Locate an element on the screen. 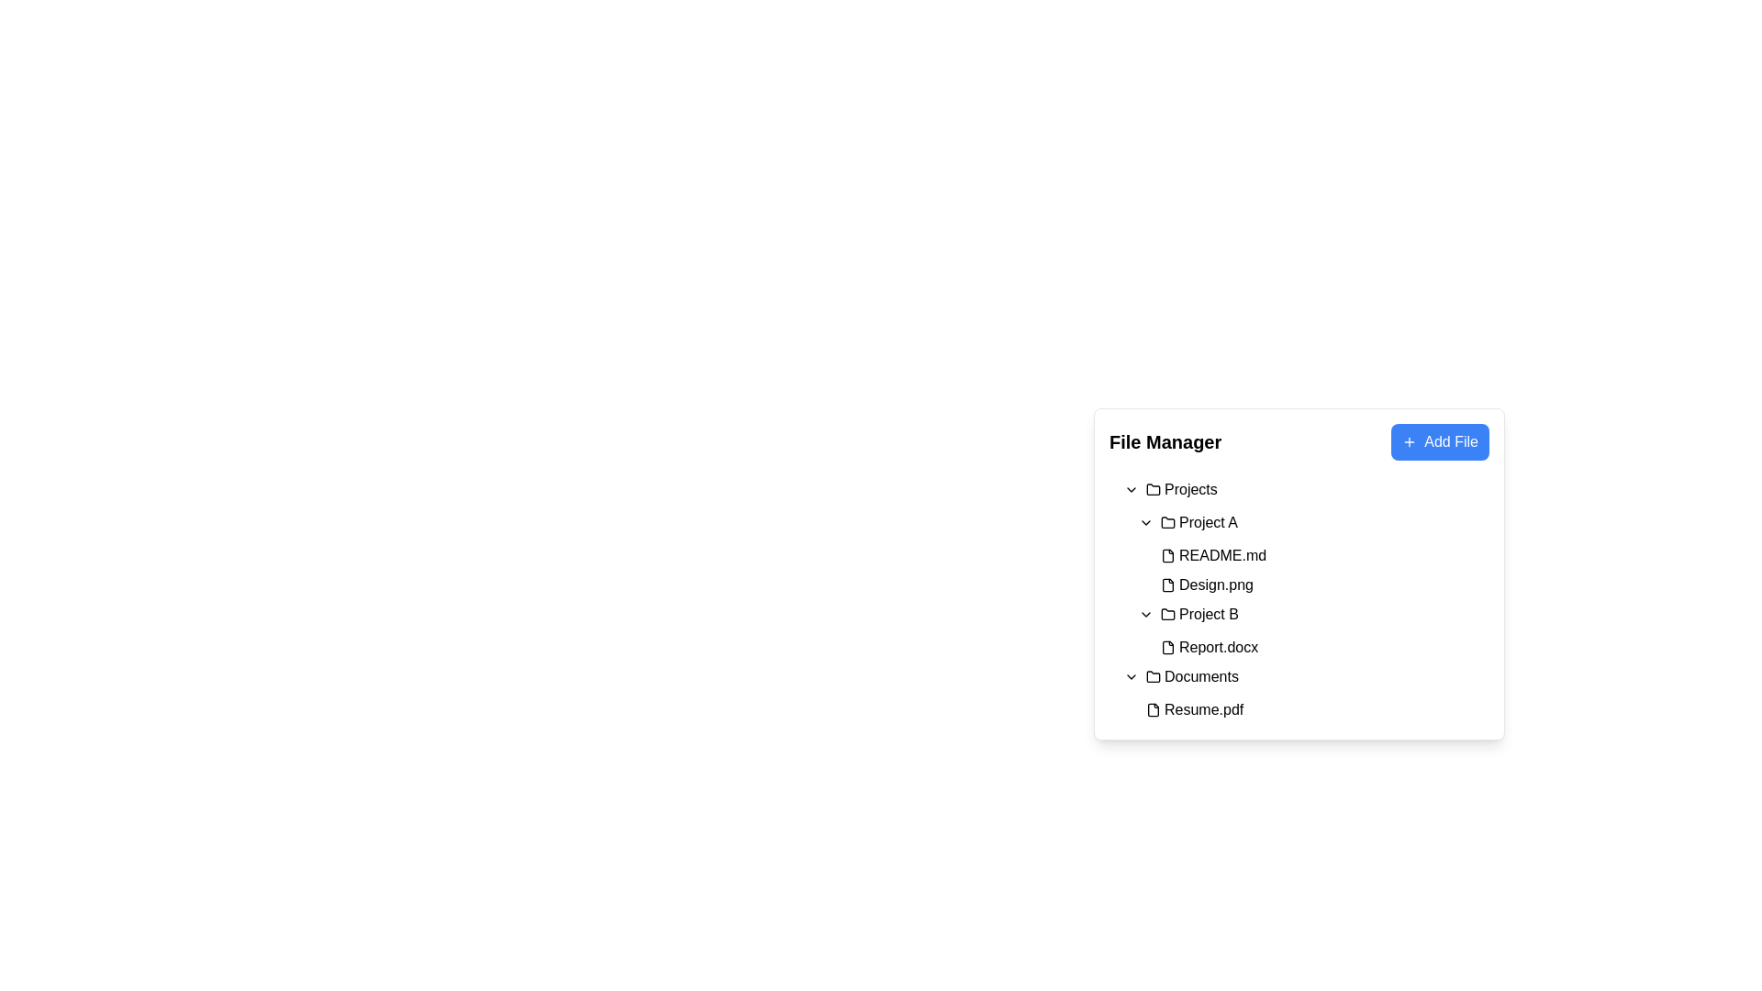 The image size is (1762, 991). the text label displaying 'Resume.pdf' which is located in the 'Documents' folder section of the file manager is located at coordinates (1204, 709).